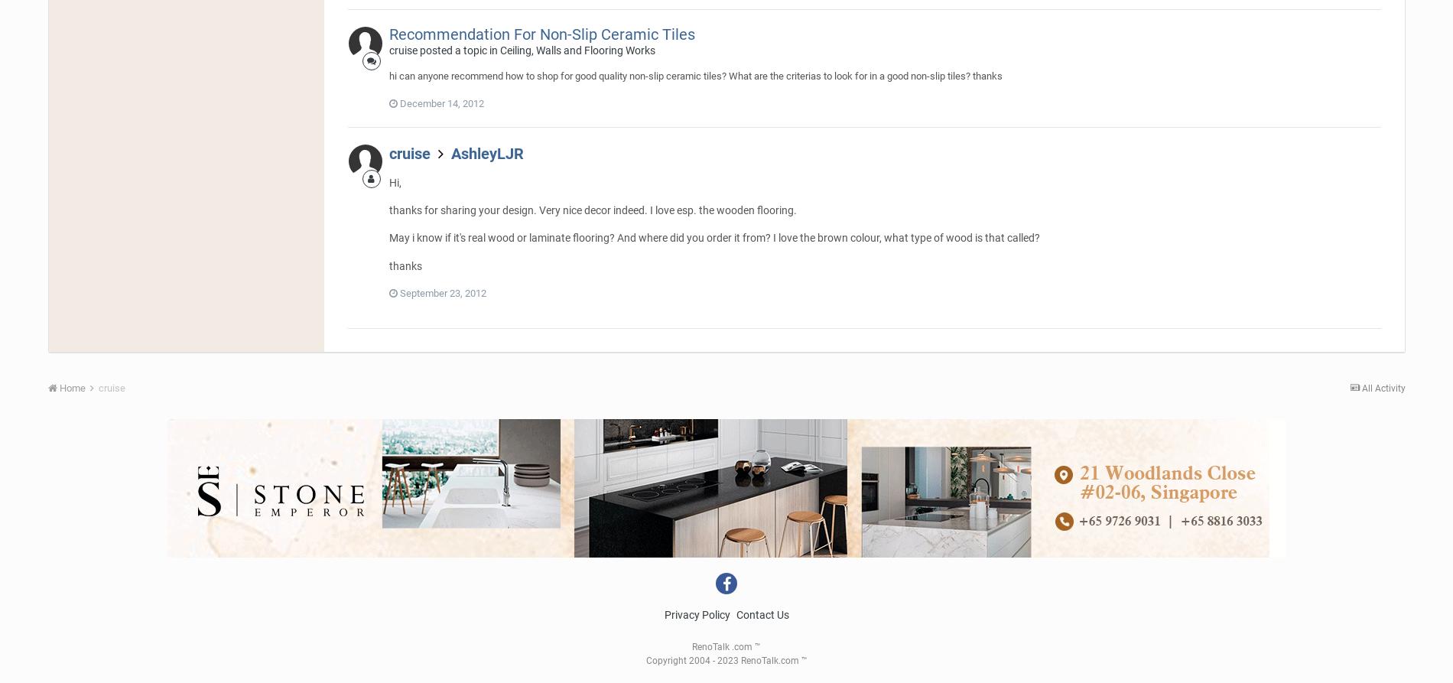 This screenshot has width=1453, height=683. What do you see at coordinates (694, 76) in the screenshot?
I see `'hi can anyone recommend how to shop for good quality non-slip ceramic tiles?  What are the criterias to look for in a good non-slip tiles? thanks'` at bounding box center [694, 76].